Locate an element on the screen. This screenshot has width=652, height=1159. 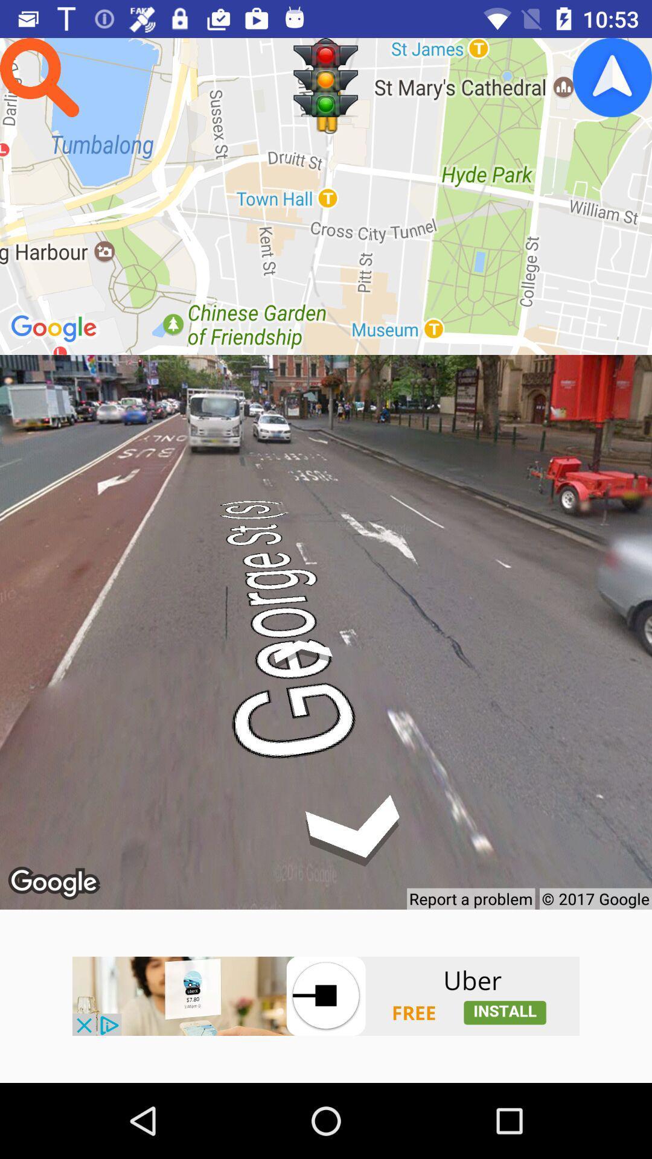
advertisement page is located at coordinates (326, 996).